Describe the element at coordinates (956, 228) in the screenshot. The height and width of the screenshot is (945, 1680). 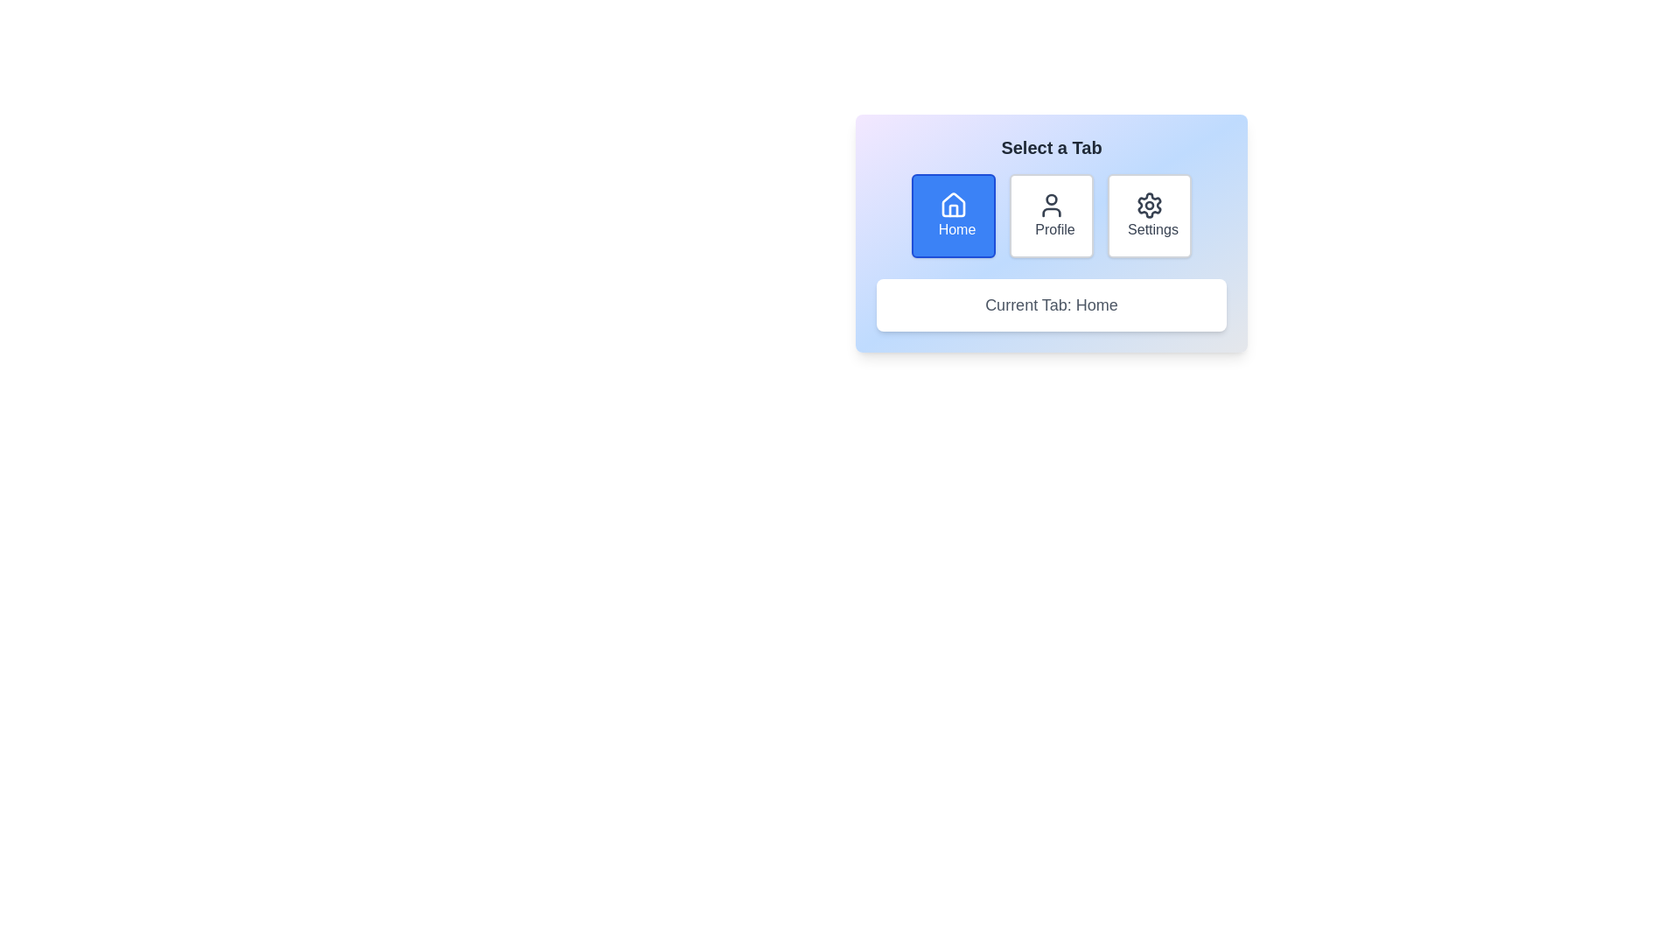
I see `the 'Home' label located inside the blue button in the top-left corner of the button row` at that location.